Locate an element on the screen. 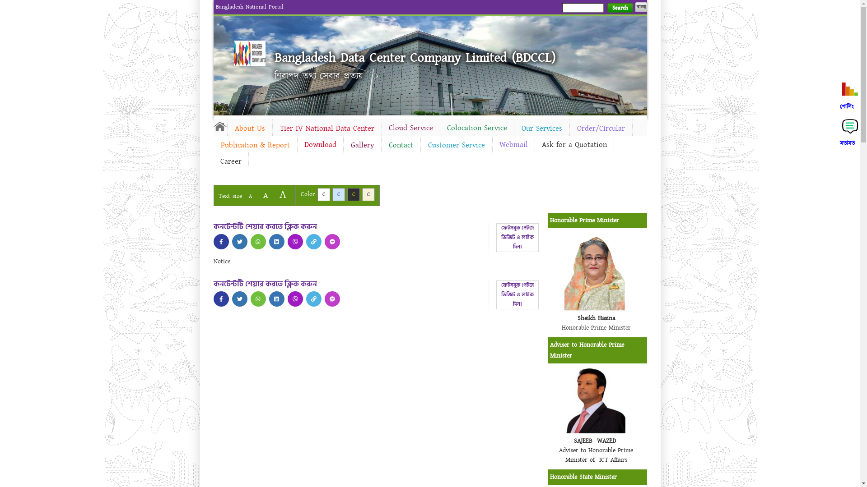 This screenshot has height=487, width=867. 'Webmail' is located at coordinates (513, 144).